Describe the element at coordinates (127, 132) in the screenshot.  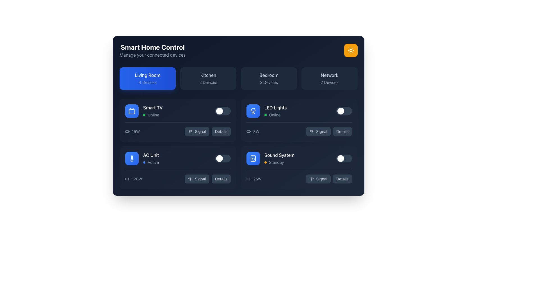
I see `the battery outline icon representing the charge status, located next to the text '15W' in the Smart TV device list` at that location.